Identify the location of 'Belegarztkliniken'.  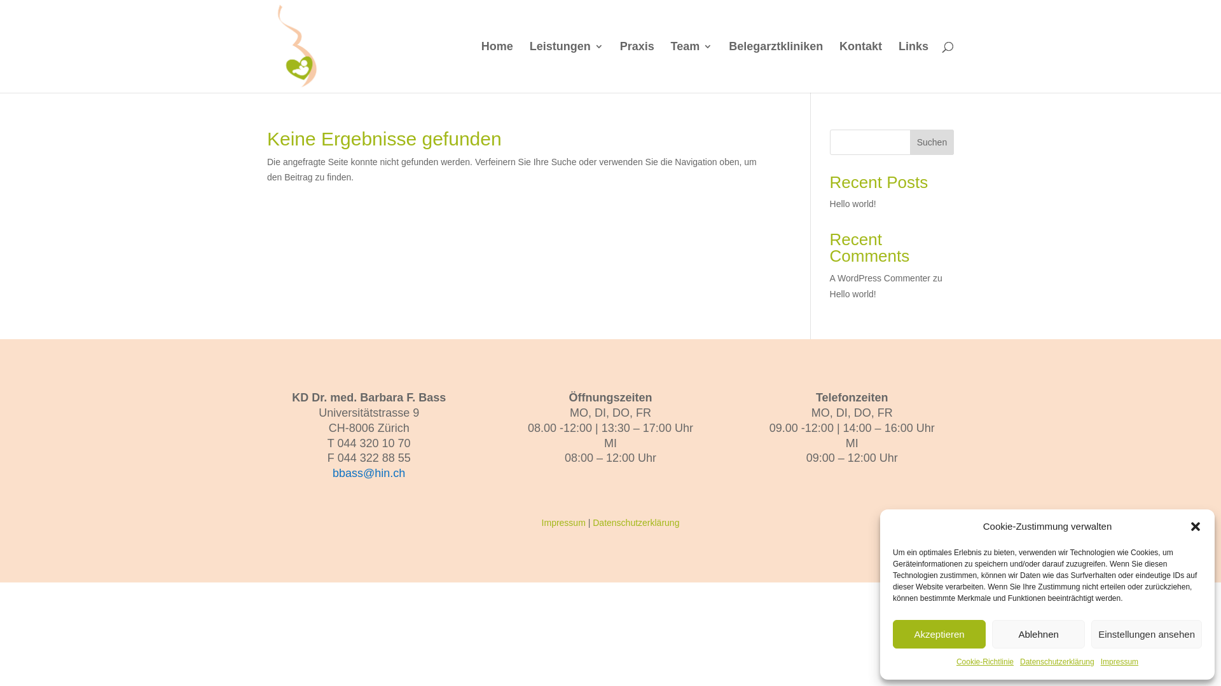
(775, 67).